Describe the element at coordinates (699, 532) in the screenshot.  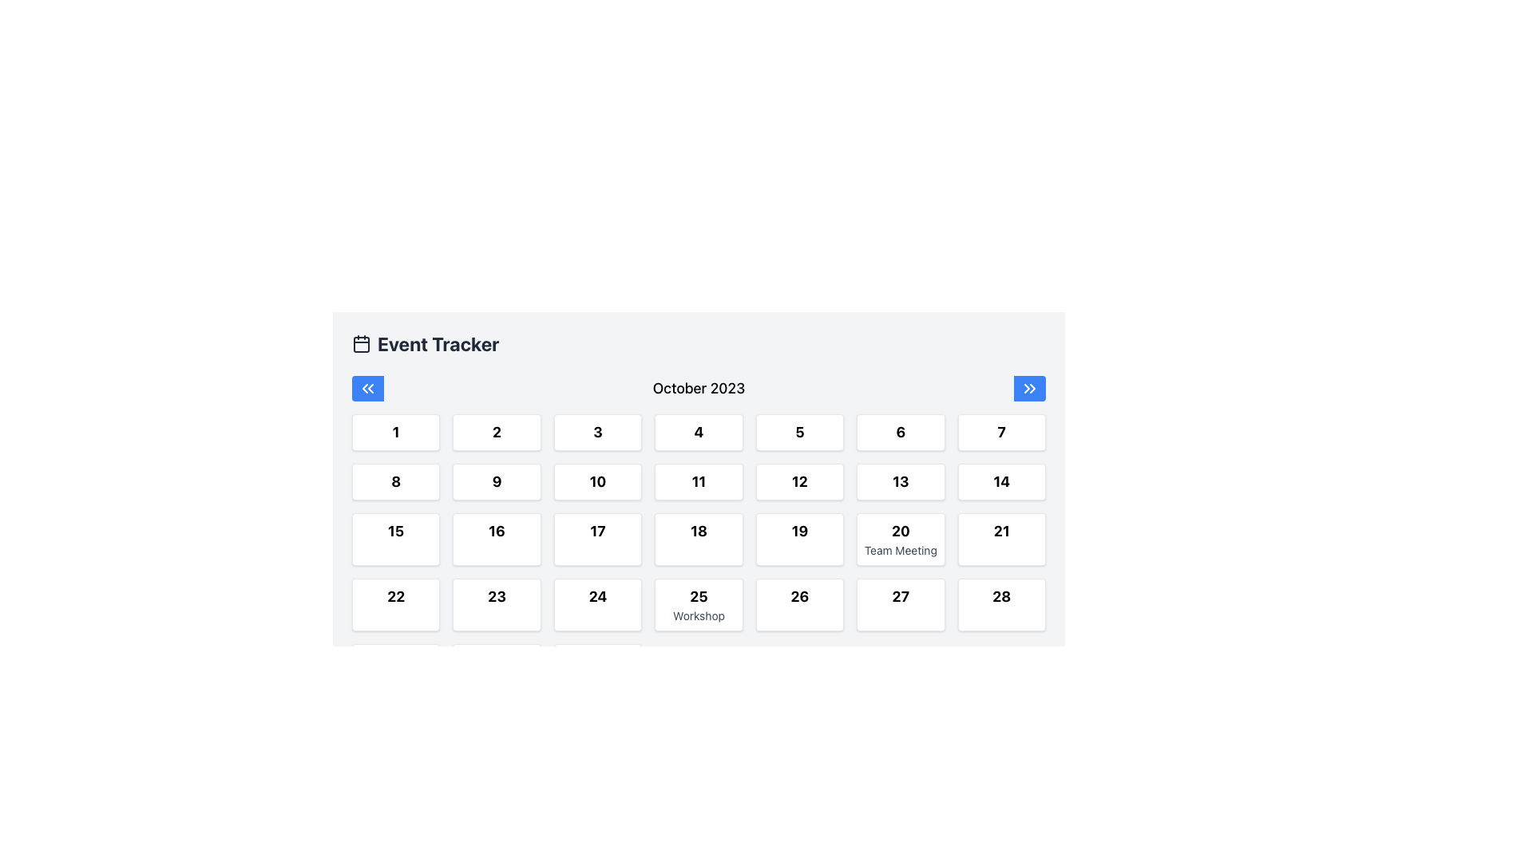
I see `the bold text element displaying the number '18' in black, styled with a large font size, located at the center of the calendar cell for the 18th day of the month` at that location.